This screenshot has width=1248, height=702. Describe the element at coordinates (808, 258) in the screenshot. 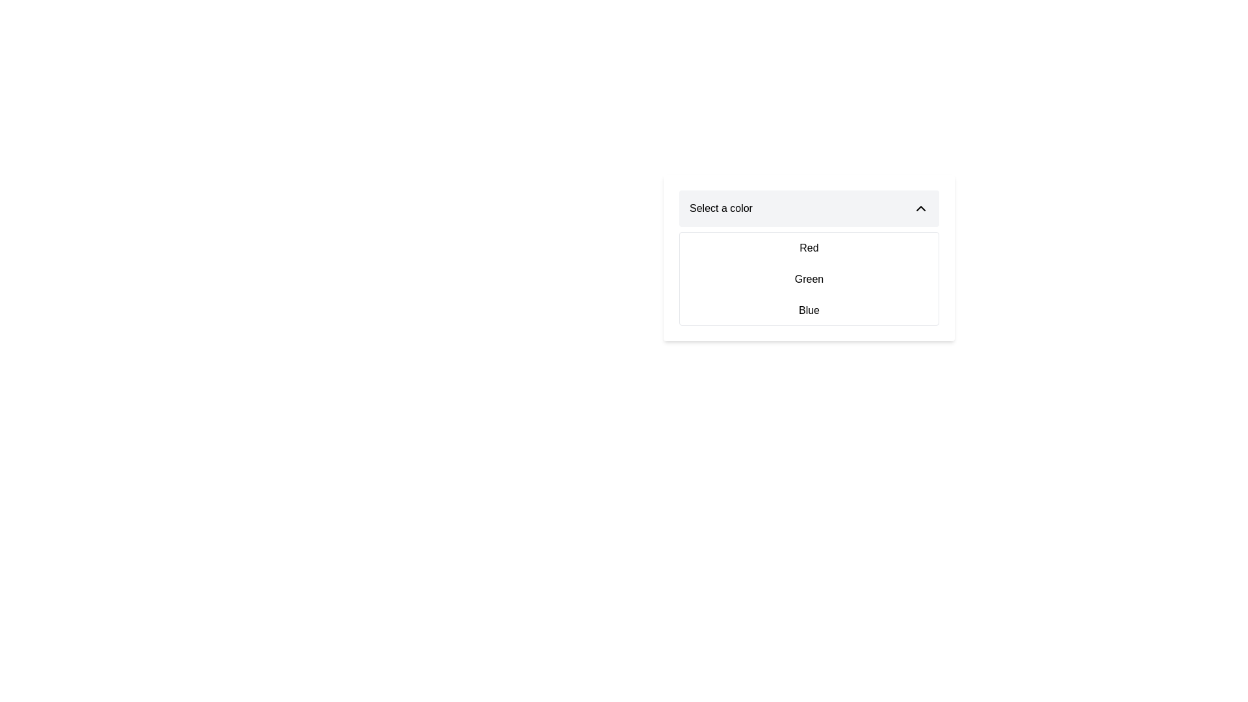

I see `the dropdown menu option with a light gray background that lists color choices such as 'Red,' 'Green,' and 'Blue' located below the 'Select a color' header` at that location.